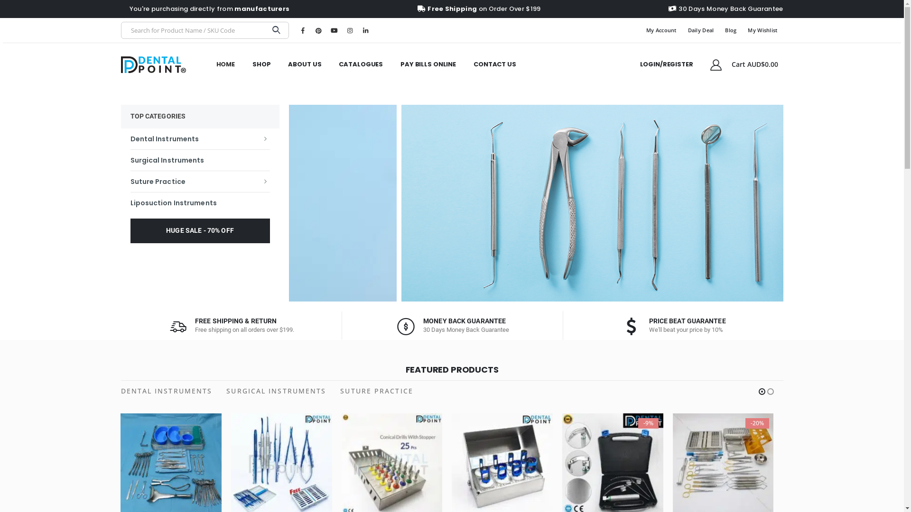 This screenshot has height=512, width=911. I want to click on 'DENTAL INSTRUMENTS', so click(120, 391).